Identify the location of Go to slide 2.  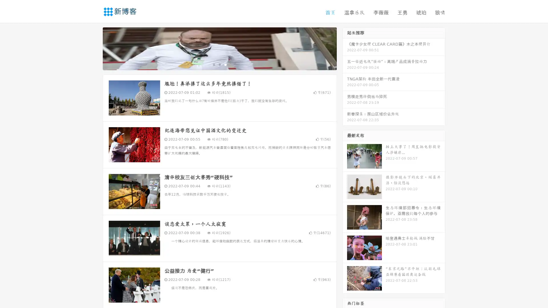
(219, 64).